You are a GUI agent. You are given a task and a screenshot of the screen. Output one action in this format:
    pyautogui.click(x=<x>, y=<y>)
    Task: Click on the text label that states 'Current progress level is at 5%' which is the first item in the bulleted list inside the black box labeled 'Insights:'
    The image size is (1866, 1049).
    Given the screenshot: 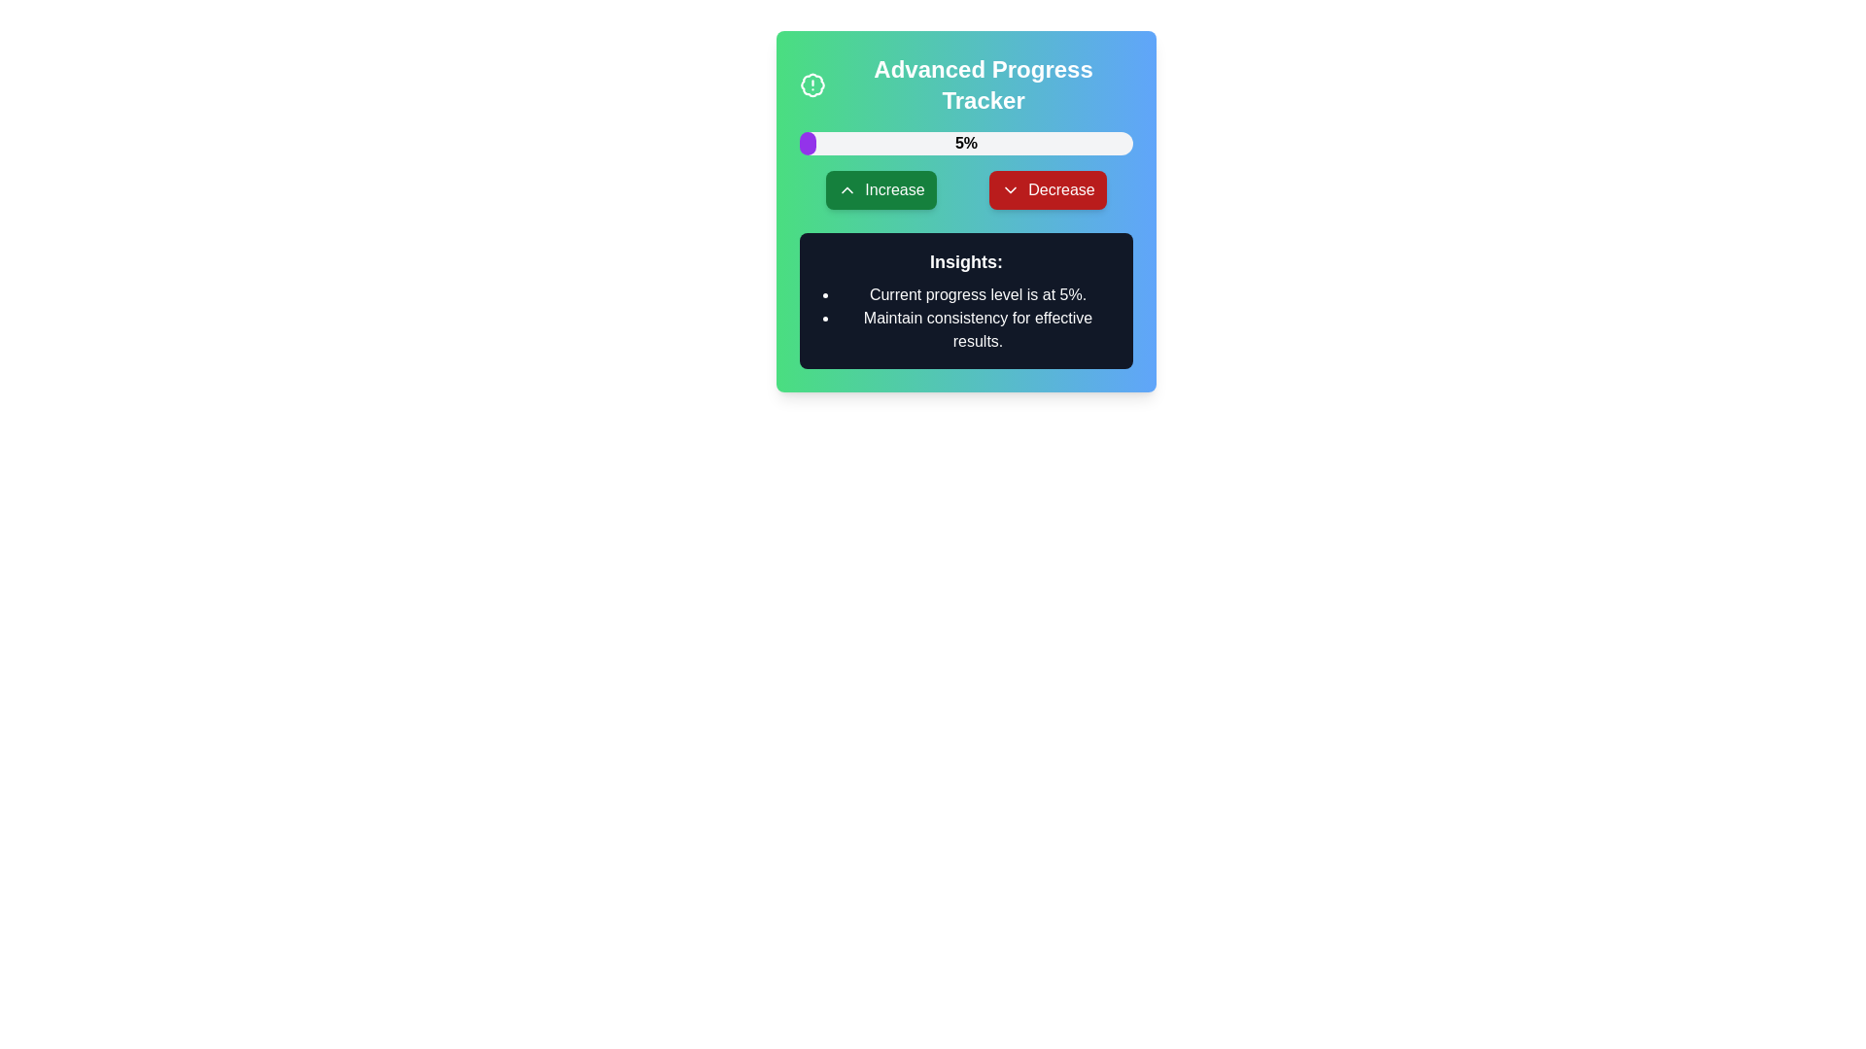 What is the action you would take?
    pyautogui.click(x=978, y=295)
    